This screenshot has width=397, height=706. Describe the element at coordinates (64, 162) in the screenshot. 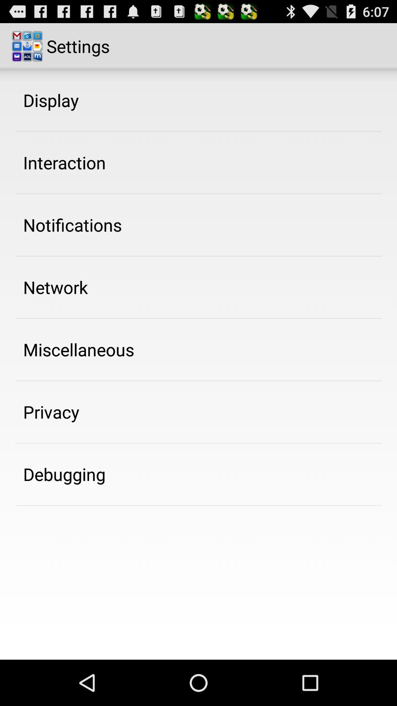

I see `item below the display app` at that location.